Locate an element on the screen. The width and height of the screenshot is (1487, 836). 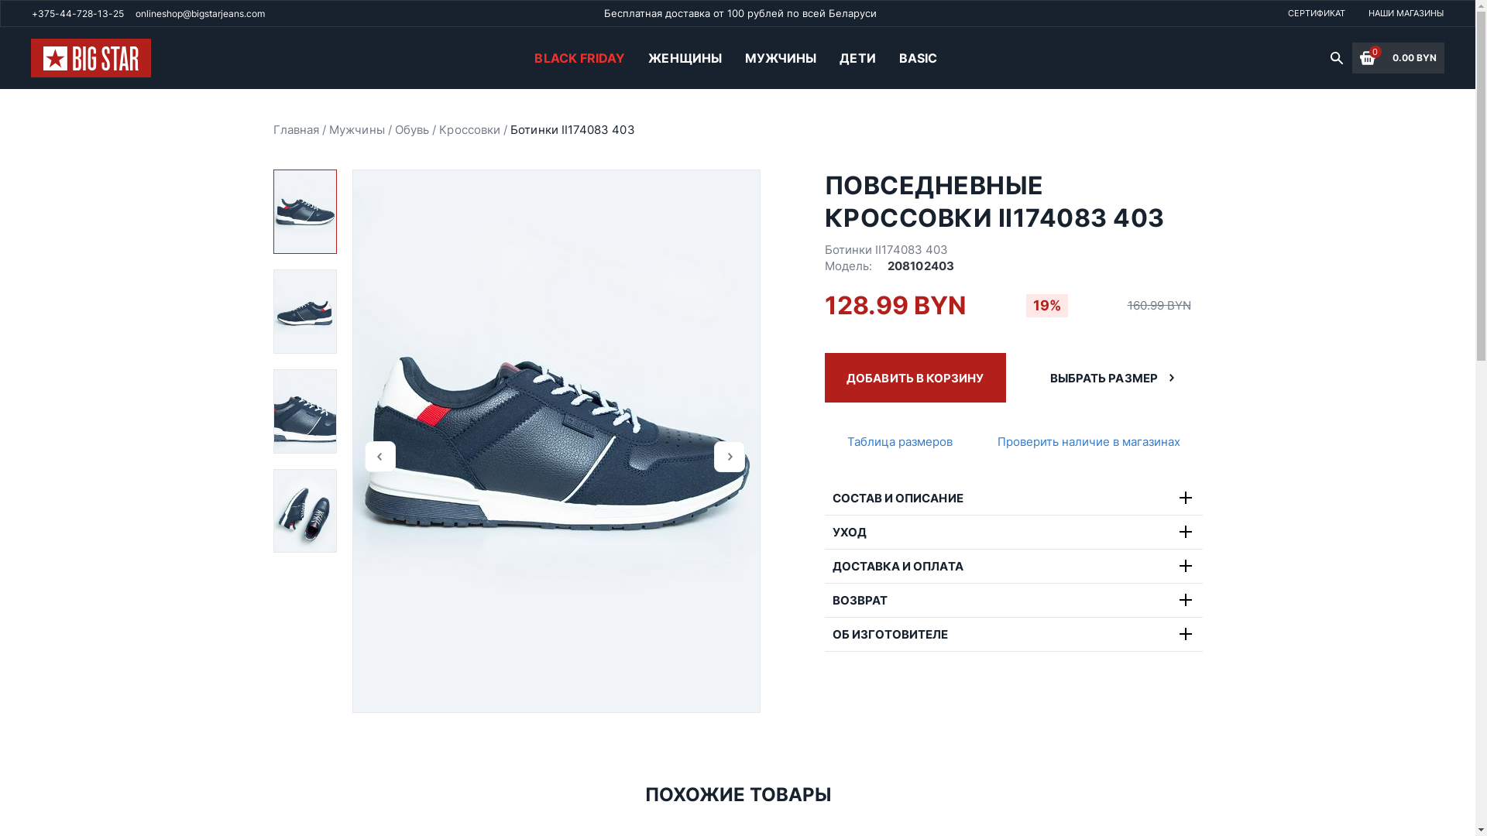
'BLACK FRIDAY' is located at coordinates (579, 57).